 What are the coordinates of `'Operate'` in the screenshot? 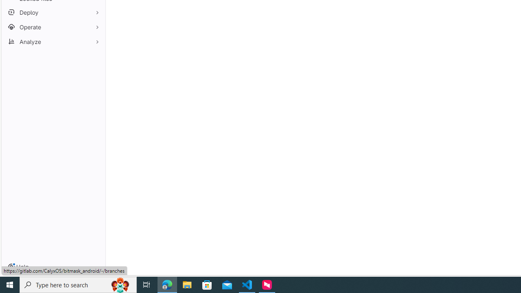 It's located at (53, 26).